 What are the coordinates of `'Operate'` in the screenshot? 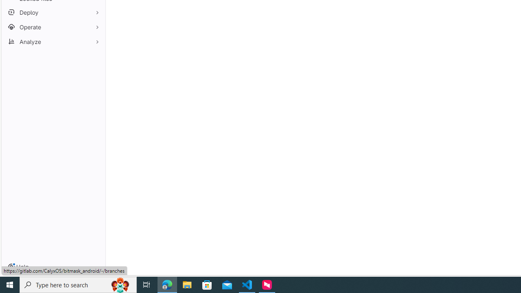 It's located at (53, 26).